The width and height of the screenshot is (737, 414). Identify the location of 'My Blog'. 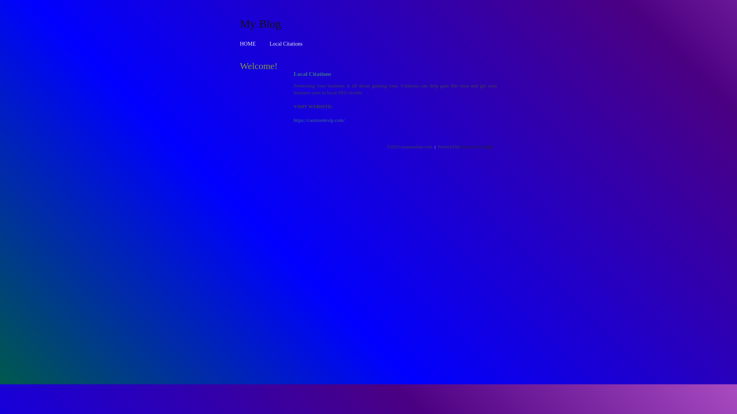
(260, 23).